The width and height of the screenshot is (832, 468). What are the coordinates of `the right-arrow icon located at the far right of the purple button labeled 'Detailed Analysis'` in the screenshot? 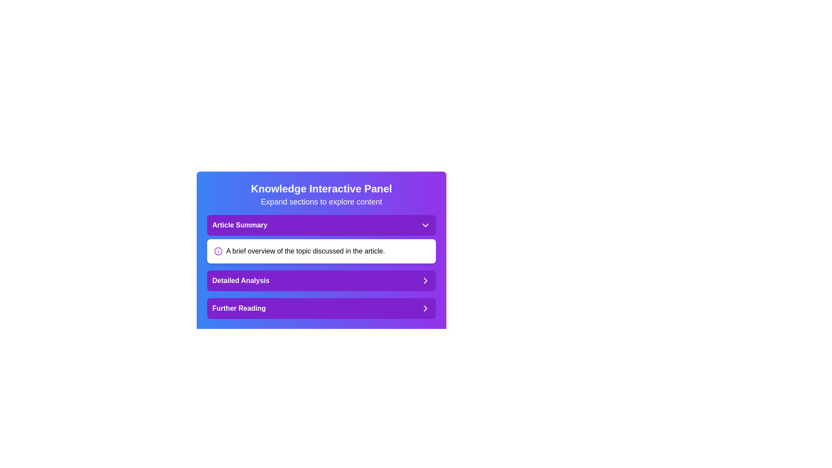 It's located at (426, 281).